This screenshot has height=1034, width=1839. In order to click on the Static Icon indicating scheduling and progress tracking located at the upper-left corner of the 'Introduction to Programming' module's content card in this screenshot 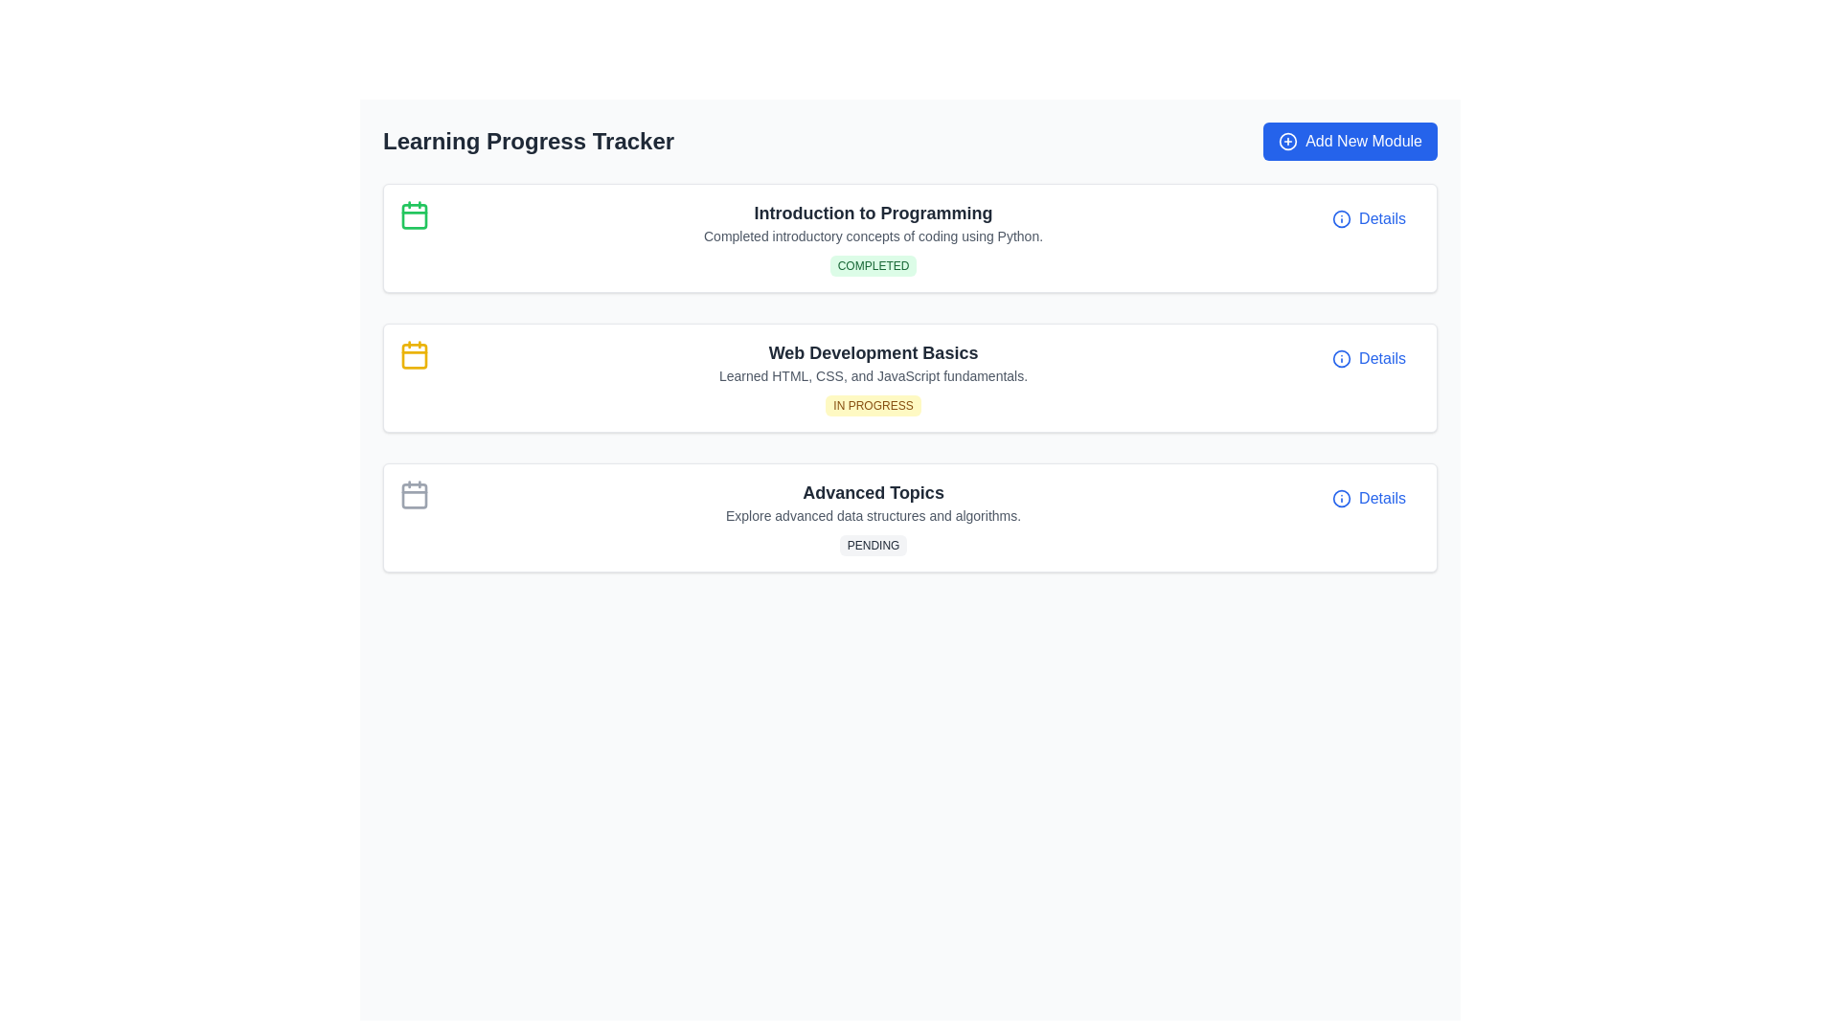, I will do `click(413, 214)`.